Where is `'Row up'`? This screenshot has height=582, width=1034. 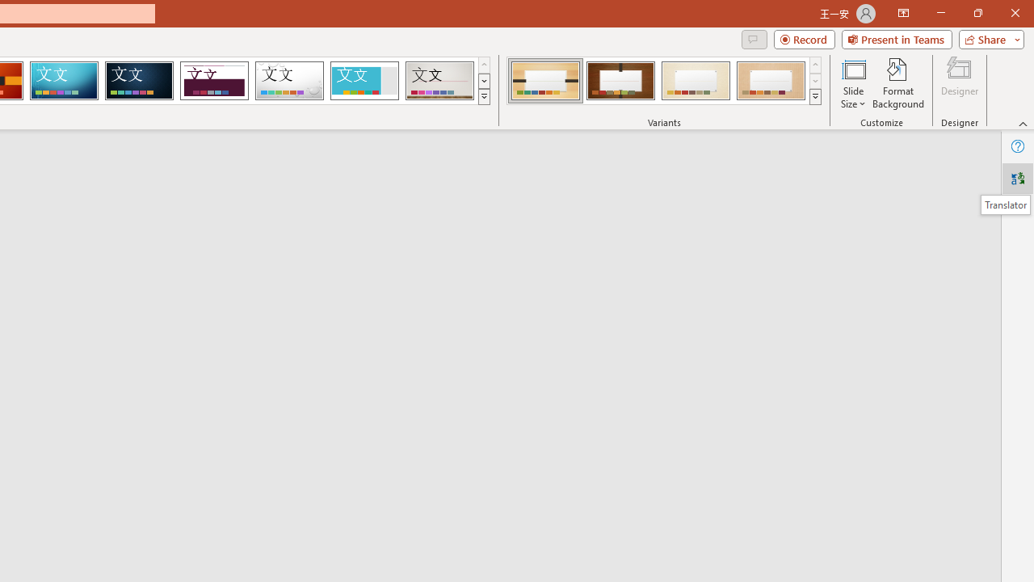 'Row up' is located at coordinates (815, 64).